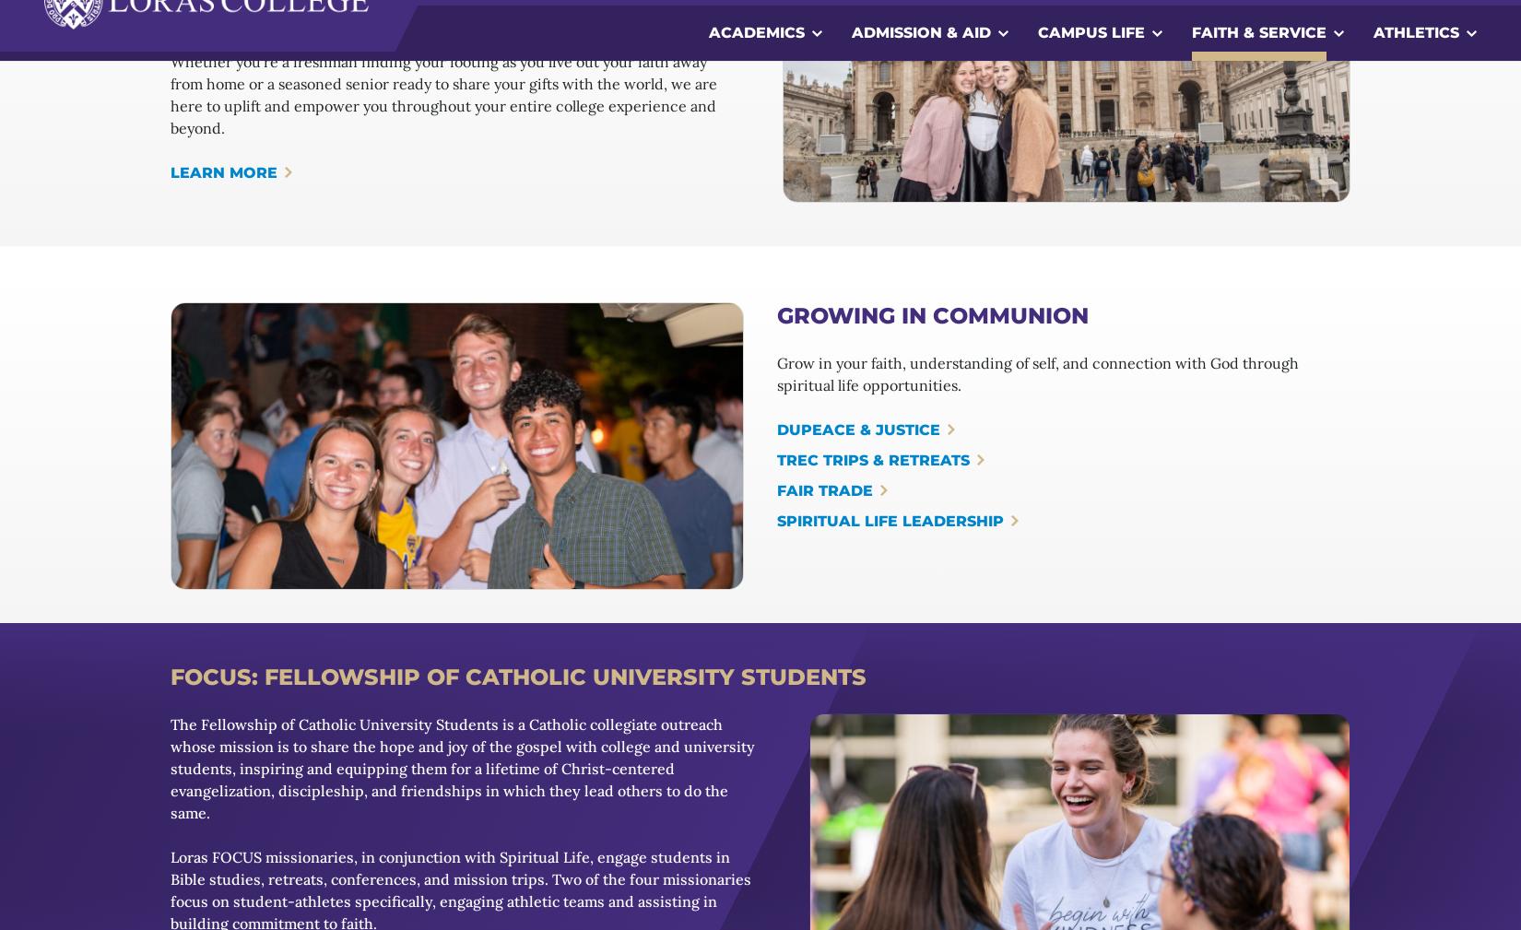 This screenshot has width=1521, height=930. I want to click on 'Agree & Continue', so click(1324, 857).